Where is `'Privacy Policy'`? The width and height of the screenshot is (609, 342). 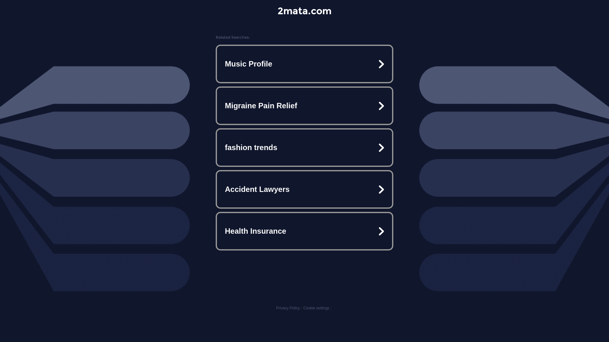 'Privacy Policy' is located at coordinates (287, 307).